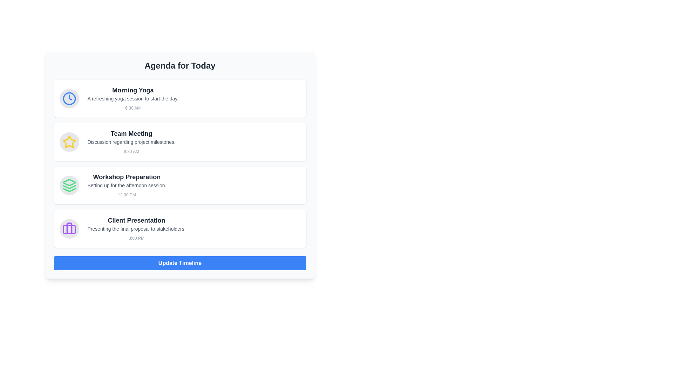 Image resolution: width=673 pixels, height=378 pixels. I want to click on the text label 'Setting up for the afternoon session.' which is styled in light gray and positioned under the heading 'Workshop Preparation', so click(127, 185).